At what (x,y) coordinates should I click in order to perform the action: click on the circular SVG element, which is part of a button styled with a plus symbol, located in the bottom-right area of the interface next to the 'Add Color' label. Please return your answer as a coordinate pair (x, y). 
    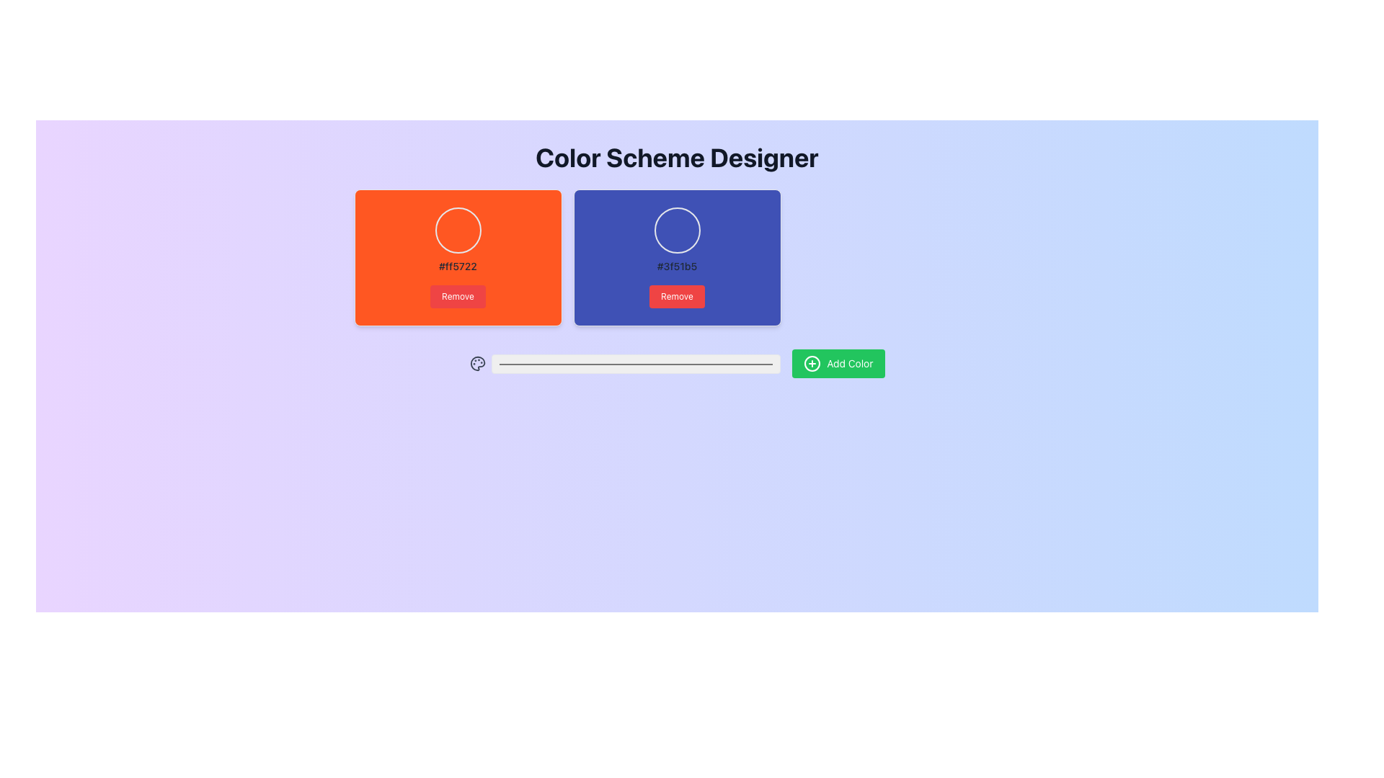
    Looking at the image, I should click on (812, 363).